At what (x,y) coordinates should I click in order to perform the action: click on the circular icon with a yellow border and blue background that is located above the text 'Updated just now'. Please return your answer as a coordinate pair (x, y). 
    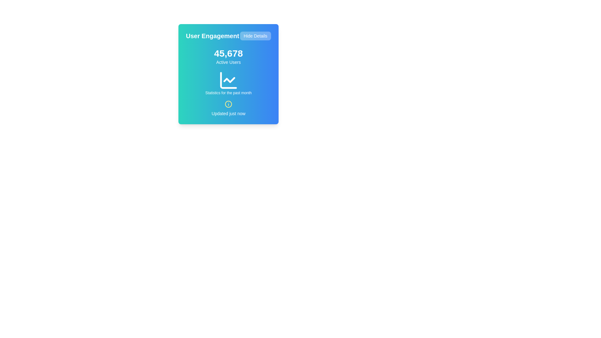
    Looking at the image, I should click on (228, 104).